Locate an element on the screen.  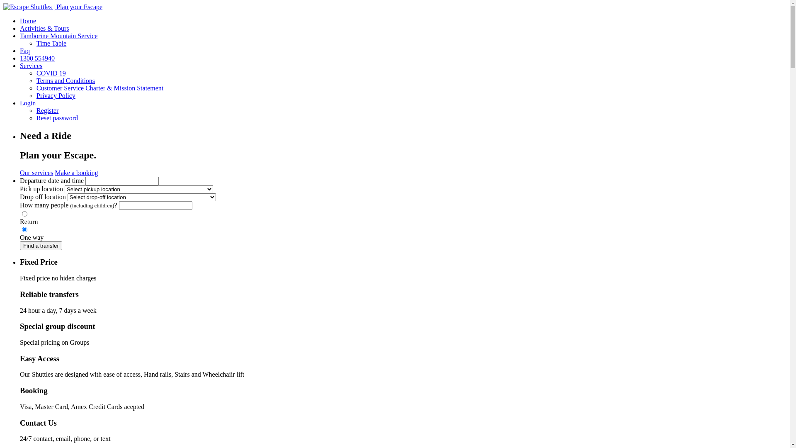
'Tamborine Mountain Service' is located at coordinates (58, 35).